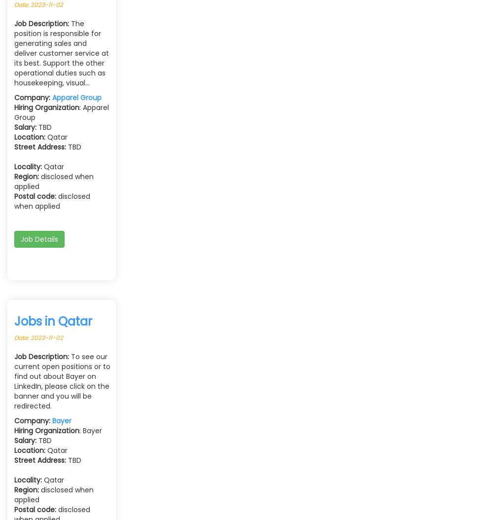  What do you see at coordinates (39, 239) in the screenshot?
I see `'Job Details'` at bounding box center [39, 239].